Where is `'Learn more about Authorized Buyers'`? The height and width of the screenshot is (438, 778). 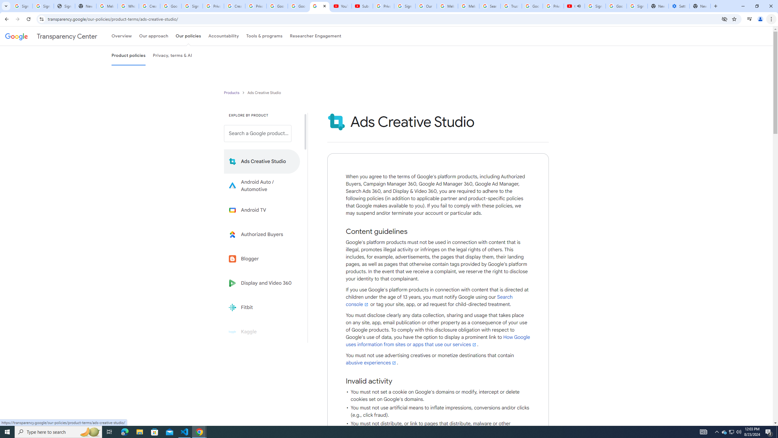 'Learn more about Authorized Buyers' is located at coordinates (262, 234).